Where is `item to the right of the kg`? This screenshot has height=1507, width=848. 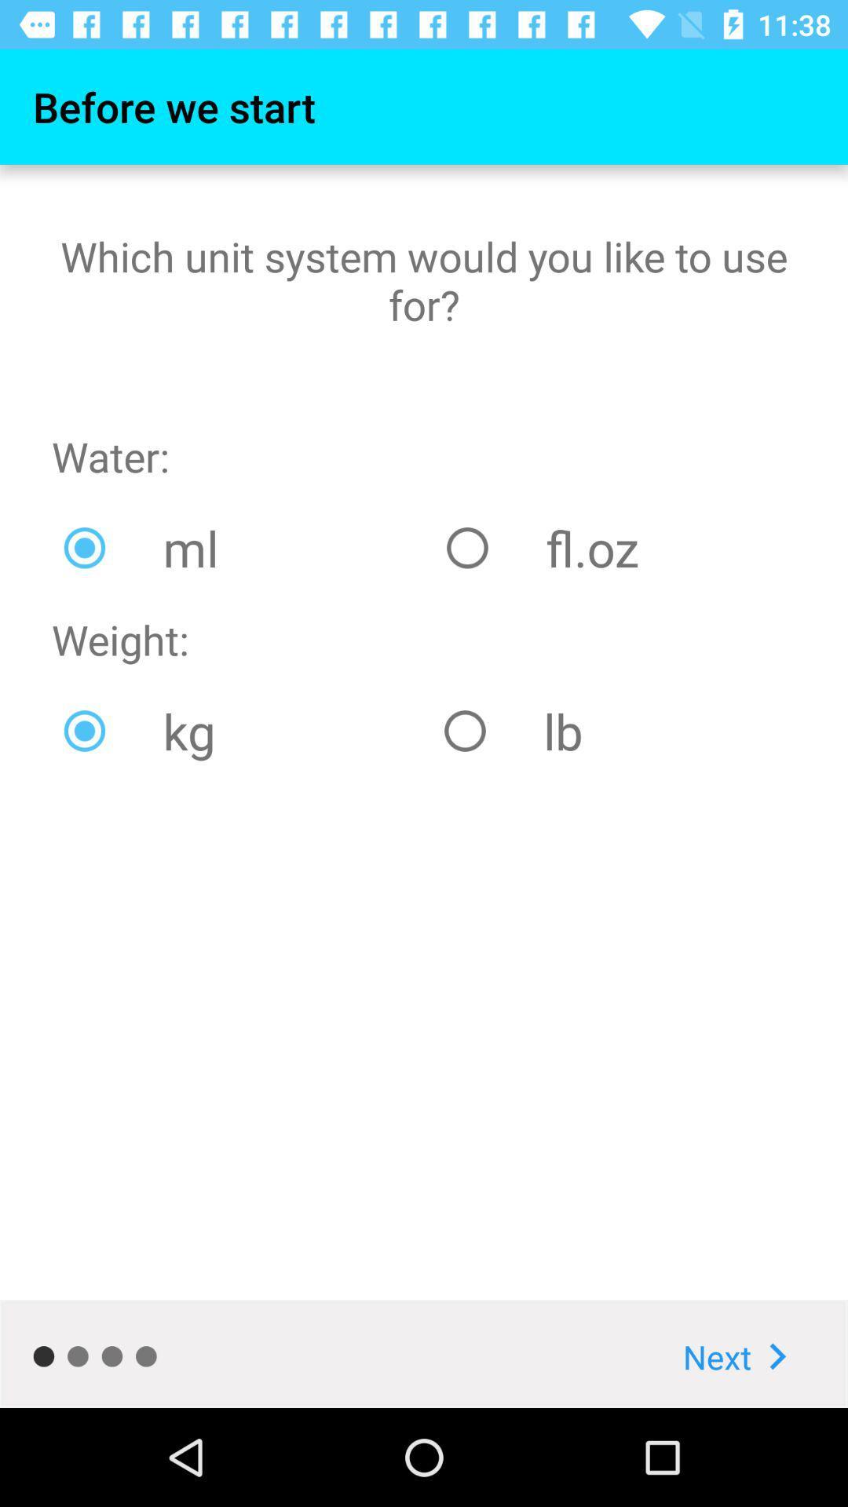 item to the right of the kg is located at coordinates (613, 730).